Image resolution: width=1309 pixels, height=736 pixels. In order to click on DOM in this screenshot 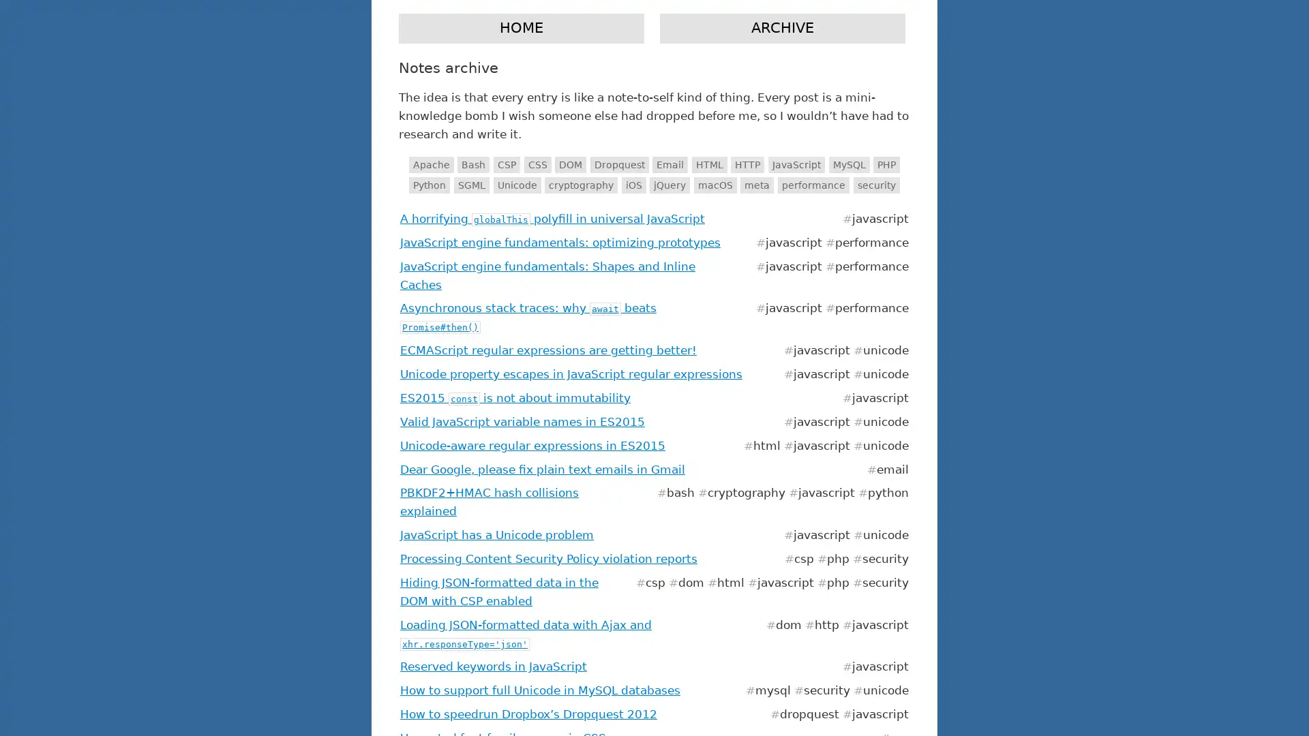, I will do `click(570, 164)`.